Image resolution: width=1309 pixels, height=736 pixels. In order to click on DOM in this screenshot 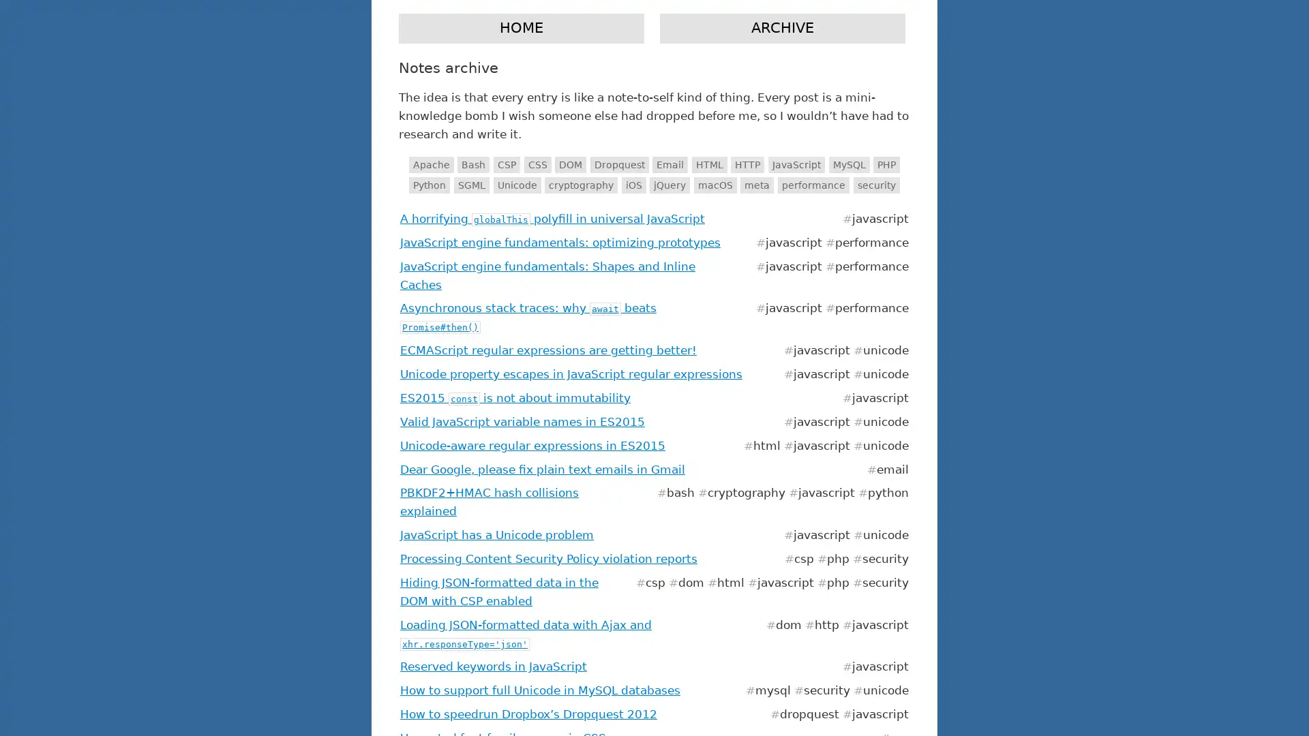, I will do `click(570, 164)`.